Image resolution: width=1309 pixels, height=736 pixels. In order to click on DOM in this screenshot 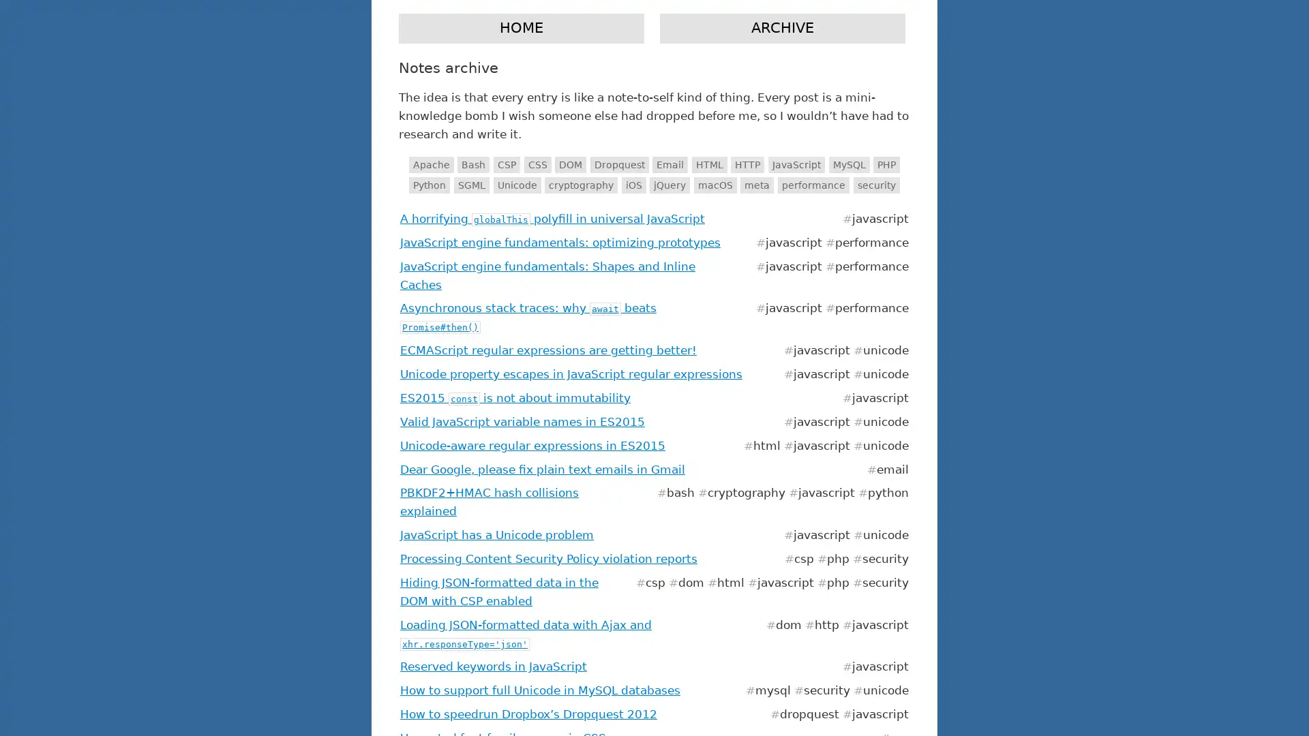, I will do `click(570, 164)`.